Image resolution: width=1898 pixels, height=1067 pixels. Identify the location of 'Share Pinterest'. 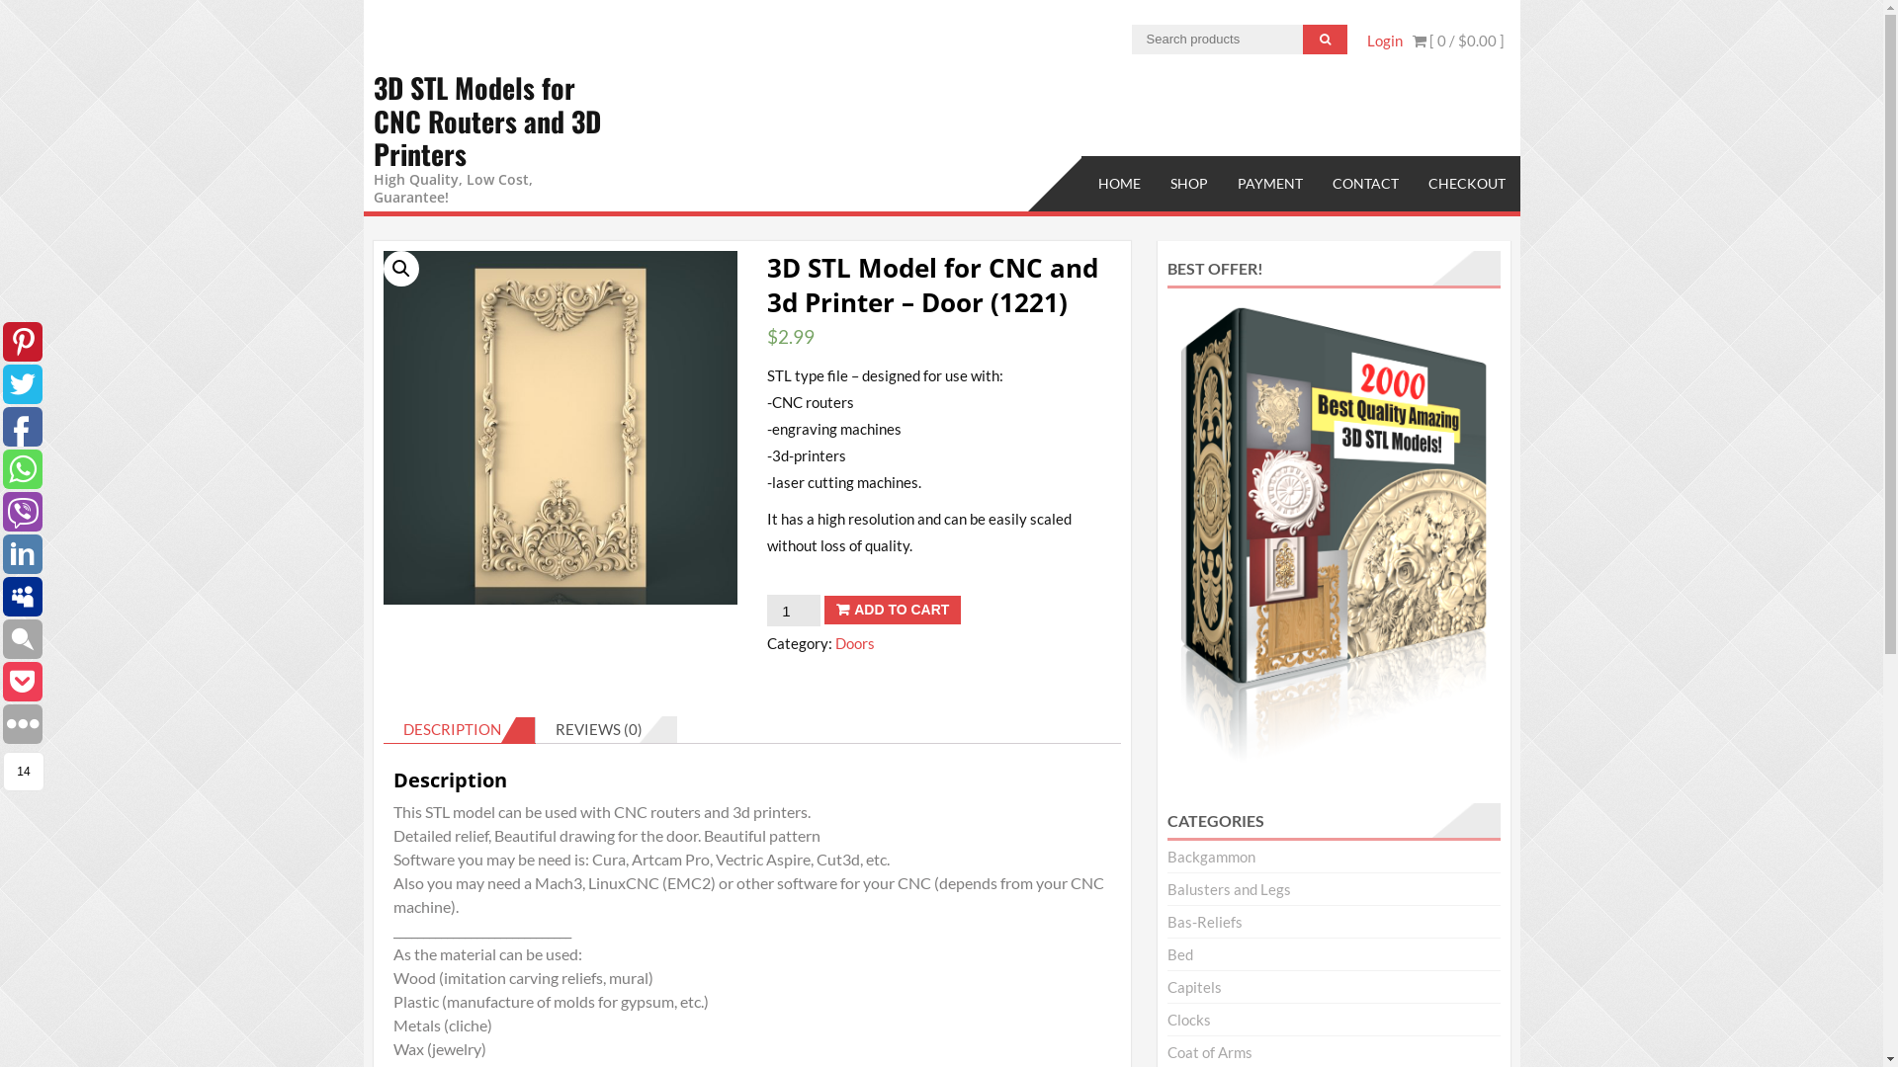
(23, 341).